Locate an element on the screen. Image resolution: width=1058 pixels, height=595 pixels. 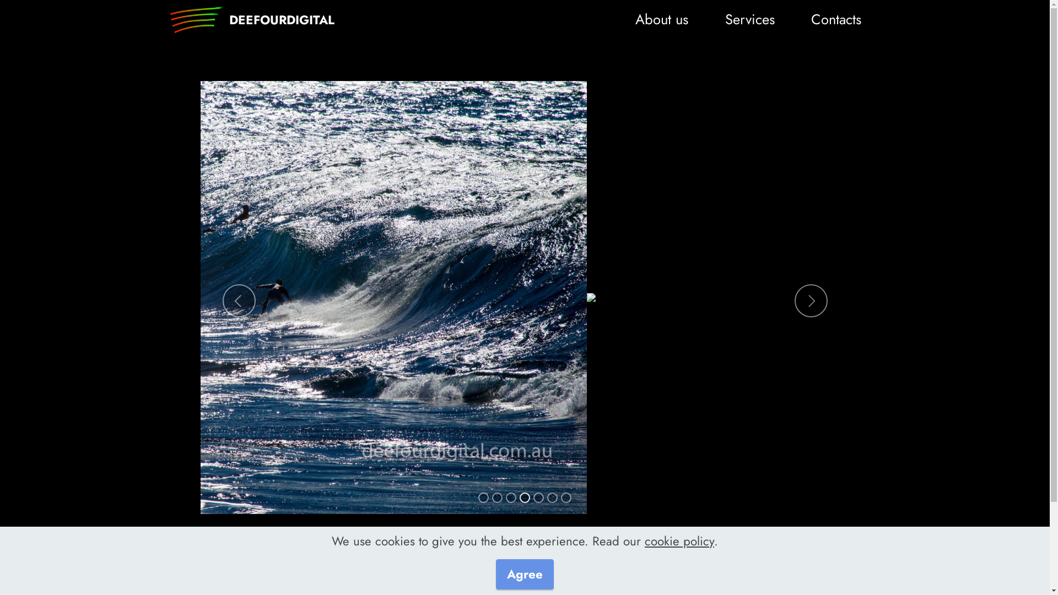
'Services' is located at coordinates (721, 19).